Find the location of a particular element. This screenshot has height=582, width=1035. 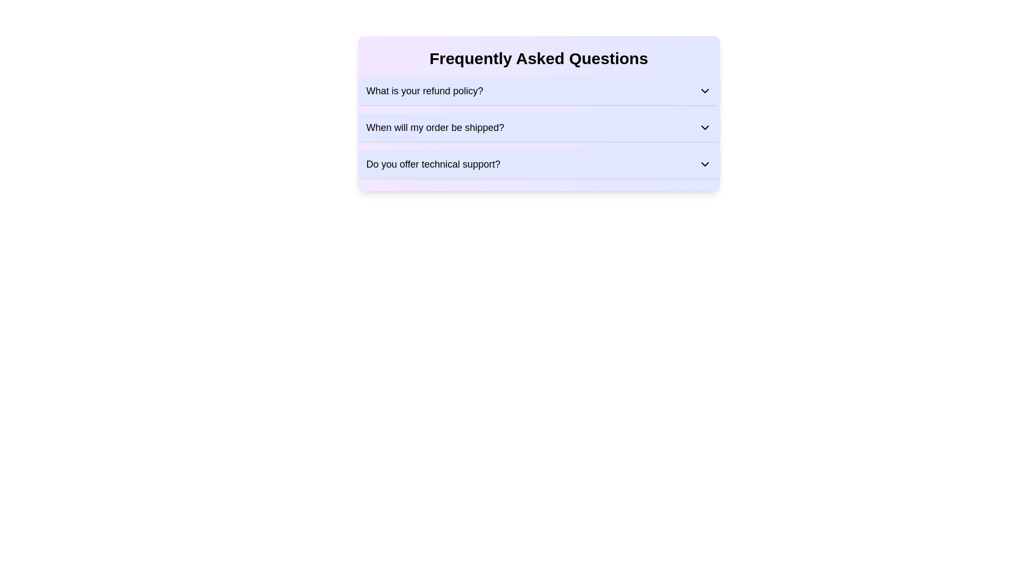

the third collapsible question panel in the FAQ section is located at coordinates (539, 164).